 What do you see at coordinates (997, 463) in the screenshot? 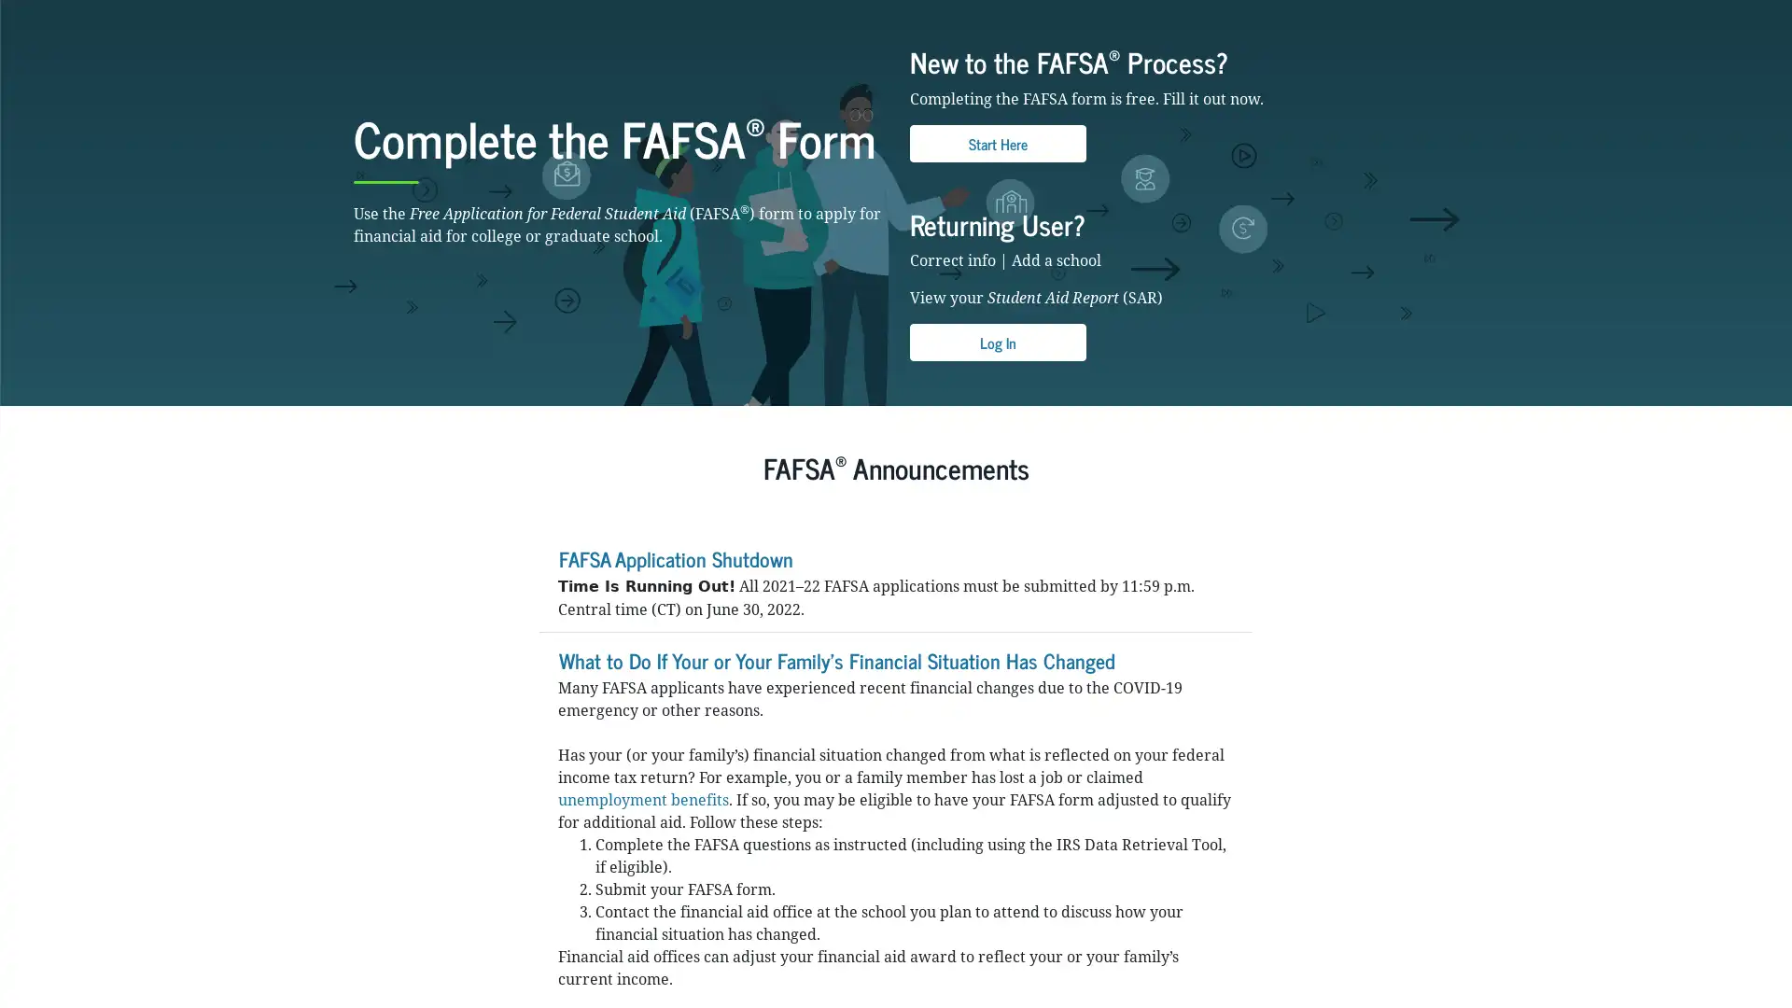
I see `Log In` at bounding box center [997, 463].